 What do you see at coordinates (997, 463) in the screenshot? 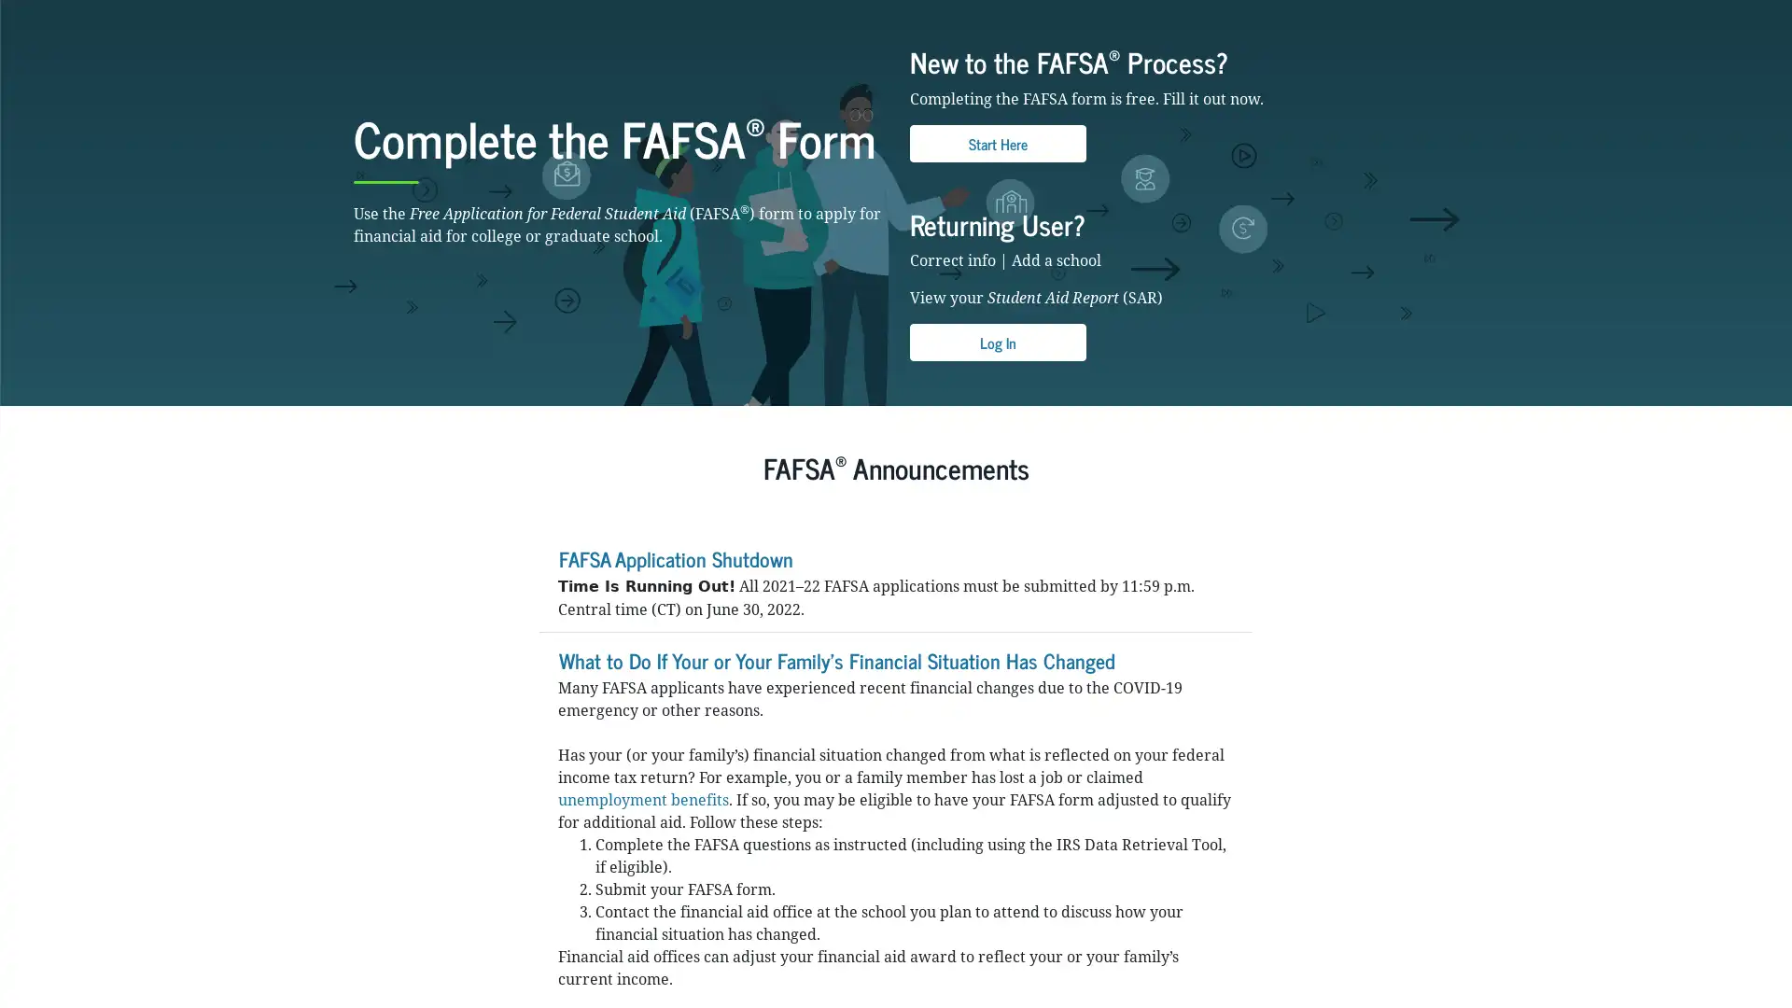
I see `Log In` at bounding box center [997, 463].